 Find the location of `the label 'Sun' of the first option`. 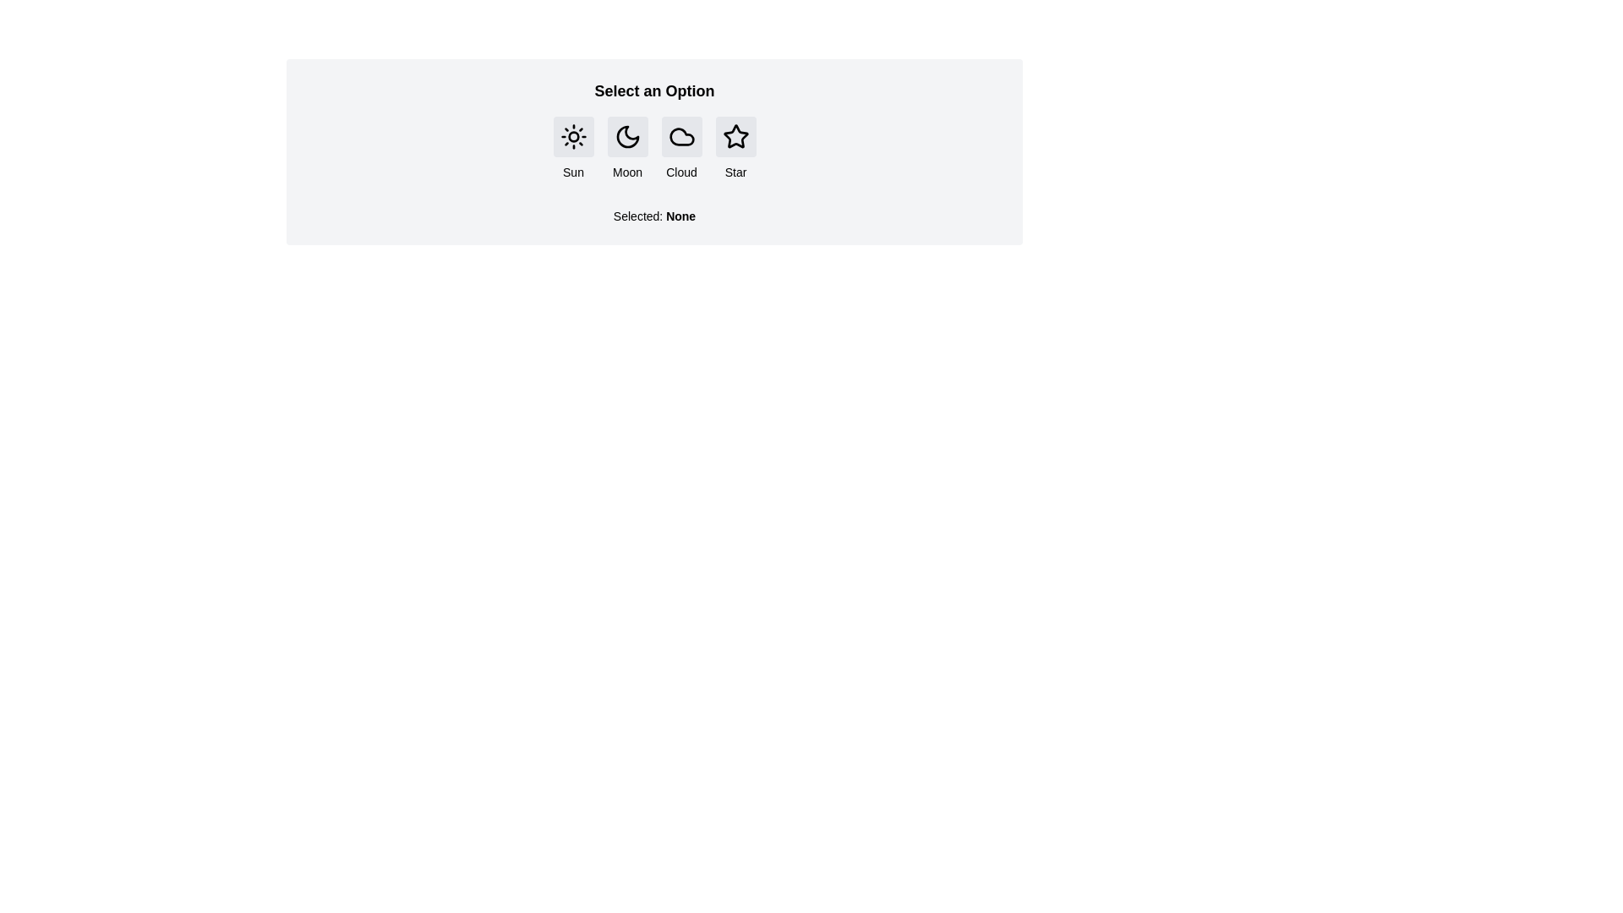

the label 'Sun' of the first option is located at coordinates (573, 148).